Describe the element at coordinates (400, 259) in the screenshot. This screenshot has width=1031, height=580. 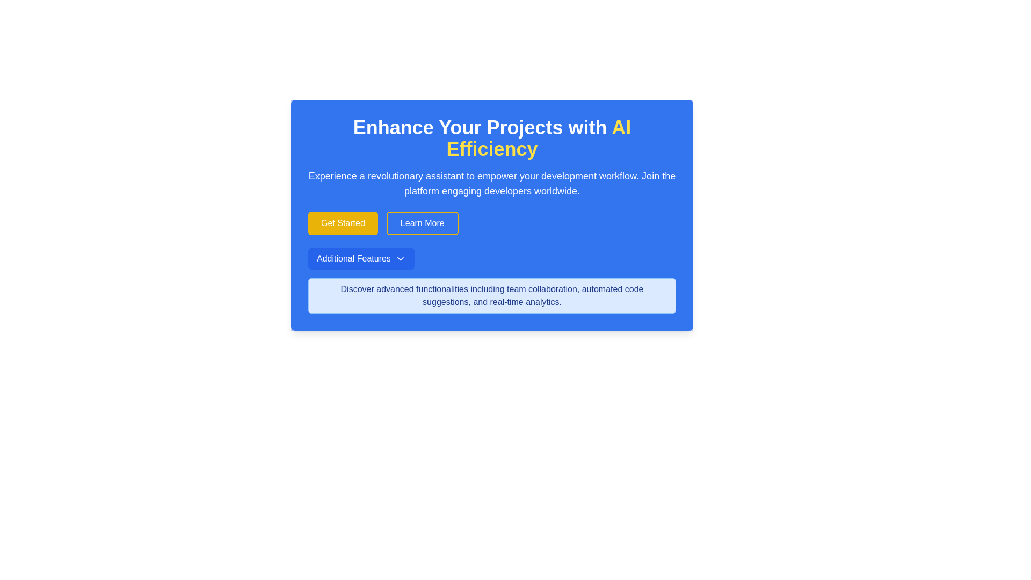
I see `the downward-pointing chevron icon located to the right of the text 'Additional Features'` at that location.